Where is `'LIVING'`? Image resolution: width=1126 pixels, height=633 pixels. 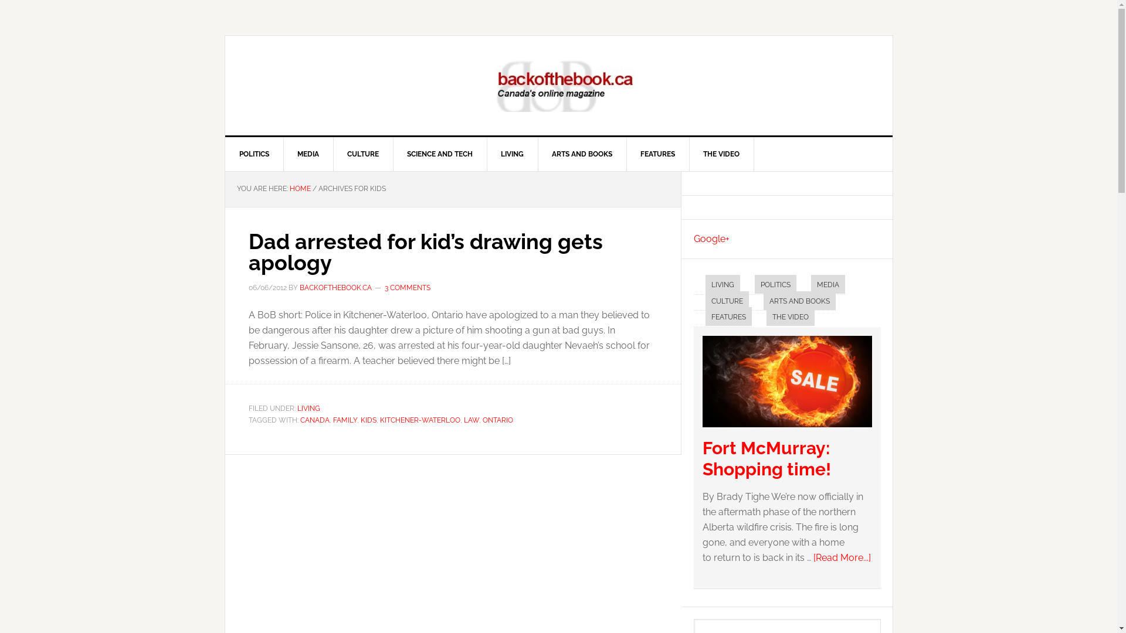 'LIVING' is located at coordinates (487, 153).